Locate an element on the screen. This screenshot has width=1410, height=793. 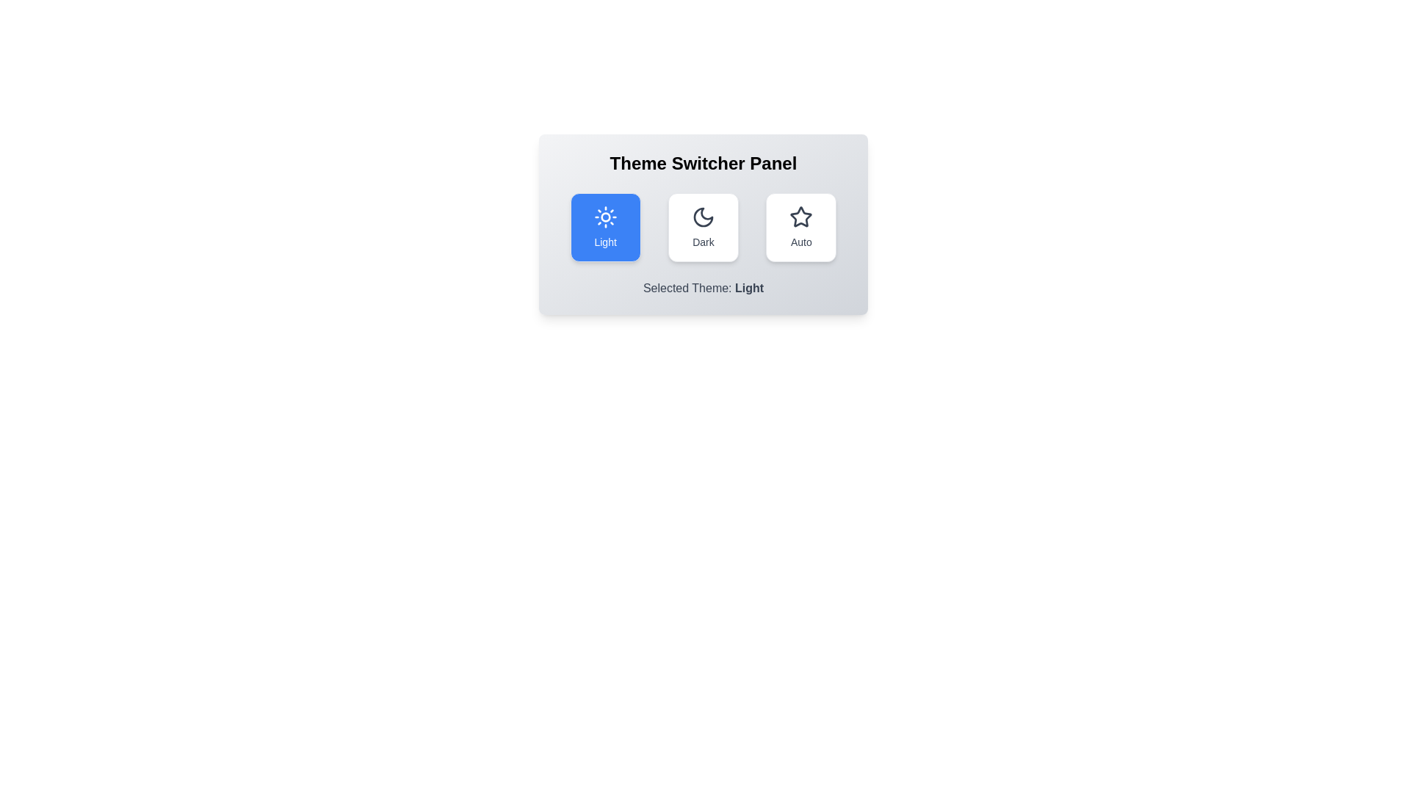
the theme selector button, which is the first button from the left in a row of three buttons is located at coordinates (605, 227).